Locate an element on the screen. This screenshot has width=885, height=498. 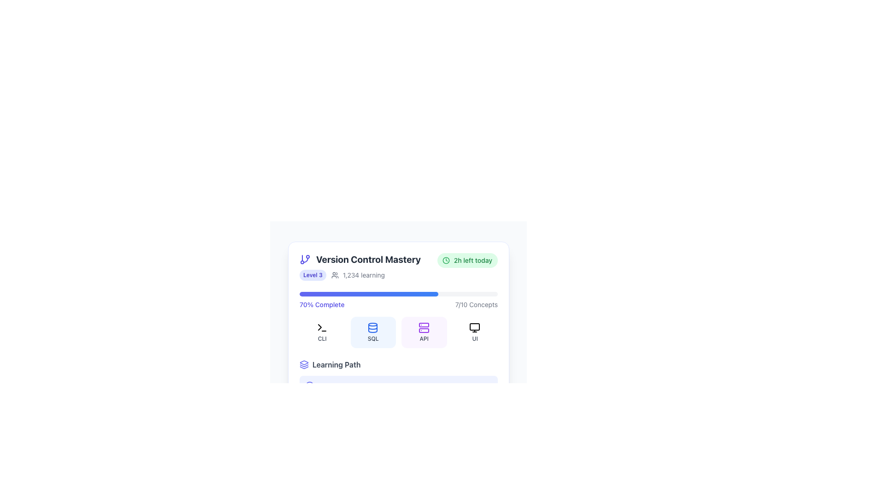
the icon associated with the informational label that reads '1,234 learning', located below the title 'Version Control Mastery' and to the right of the 'Level 3' badge is located at coordinates (357, 275).